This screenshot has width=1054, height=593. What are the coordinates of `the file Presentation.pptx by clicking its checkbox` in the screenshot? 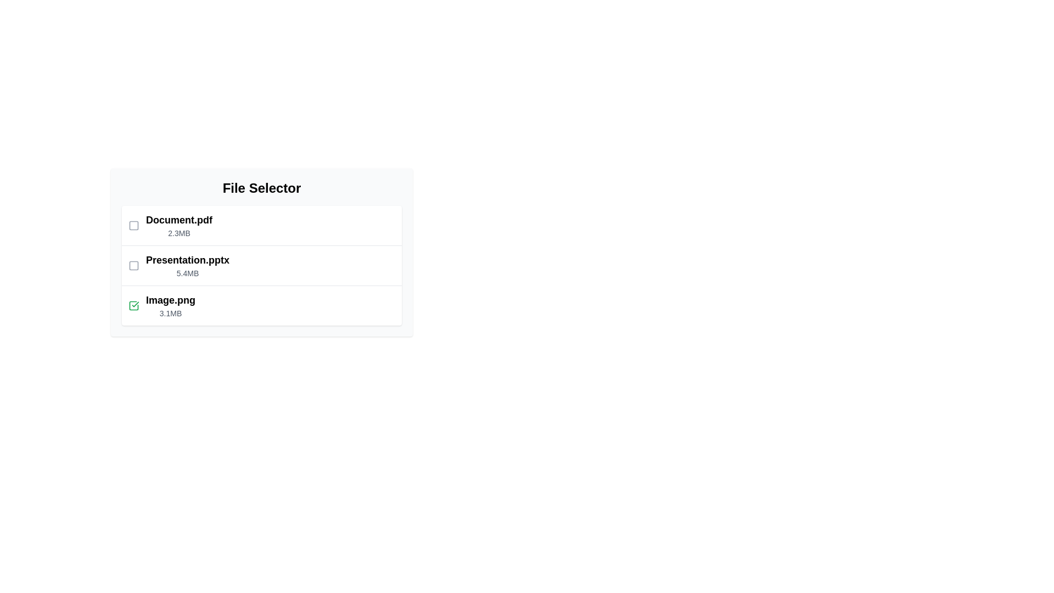 It's located at (133, 265).